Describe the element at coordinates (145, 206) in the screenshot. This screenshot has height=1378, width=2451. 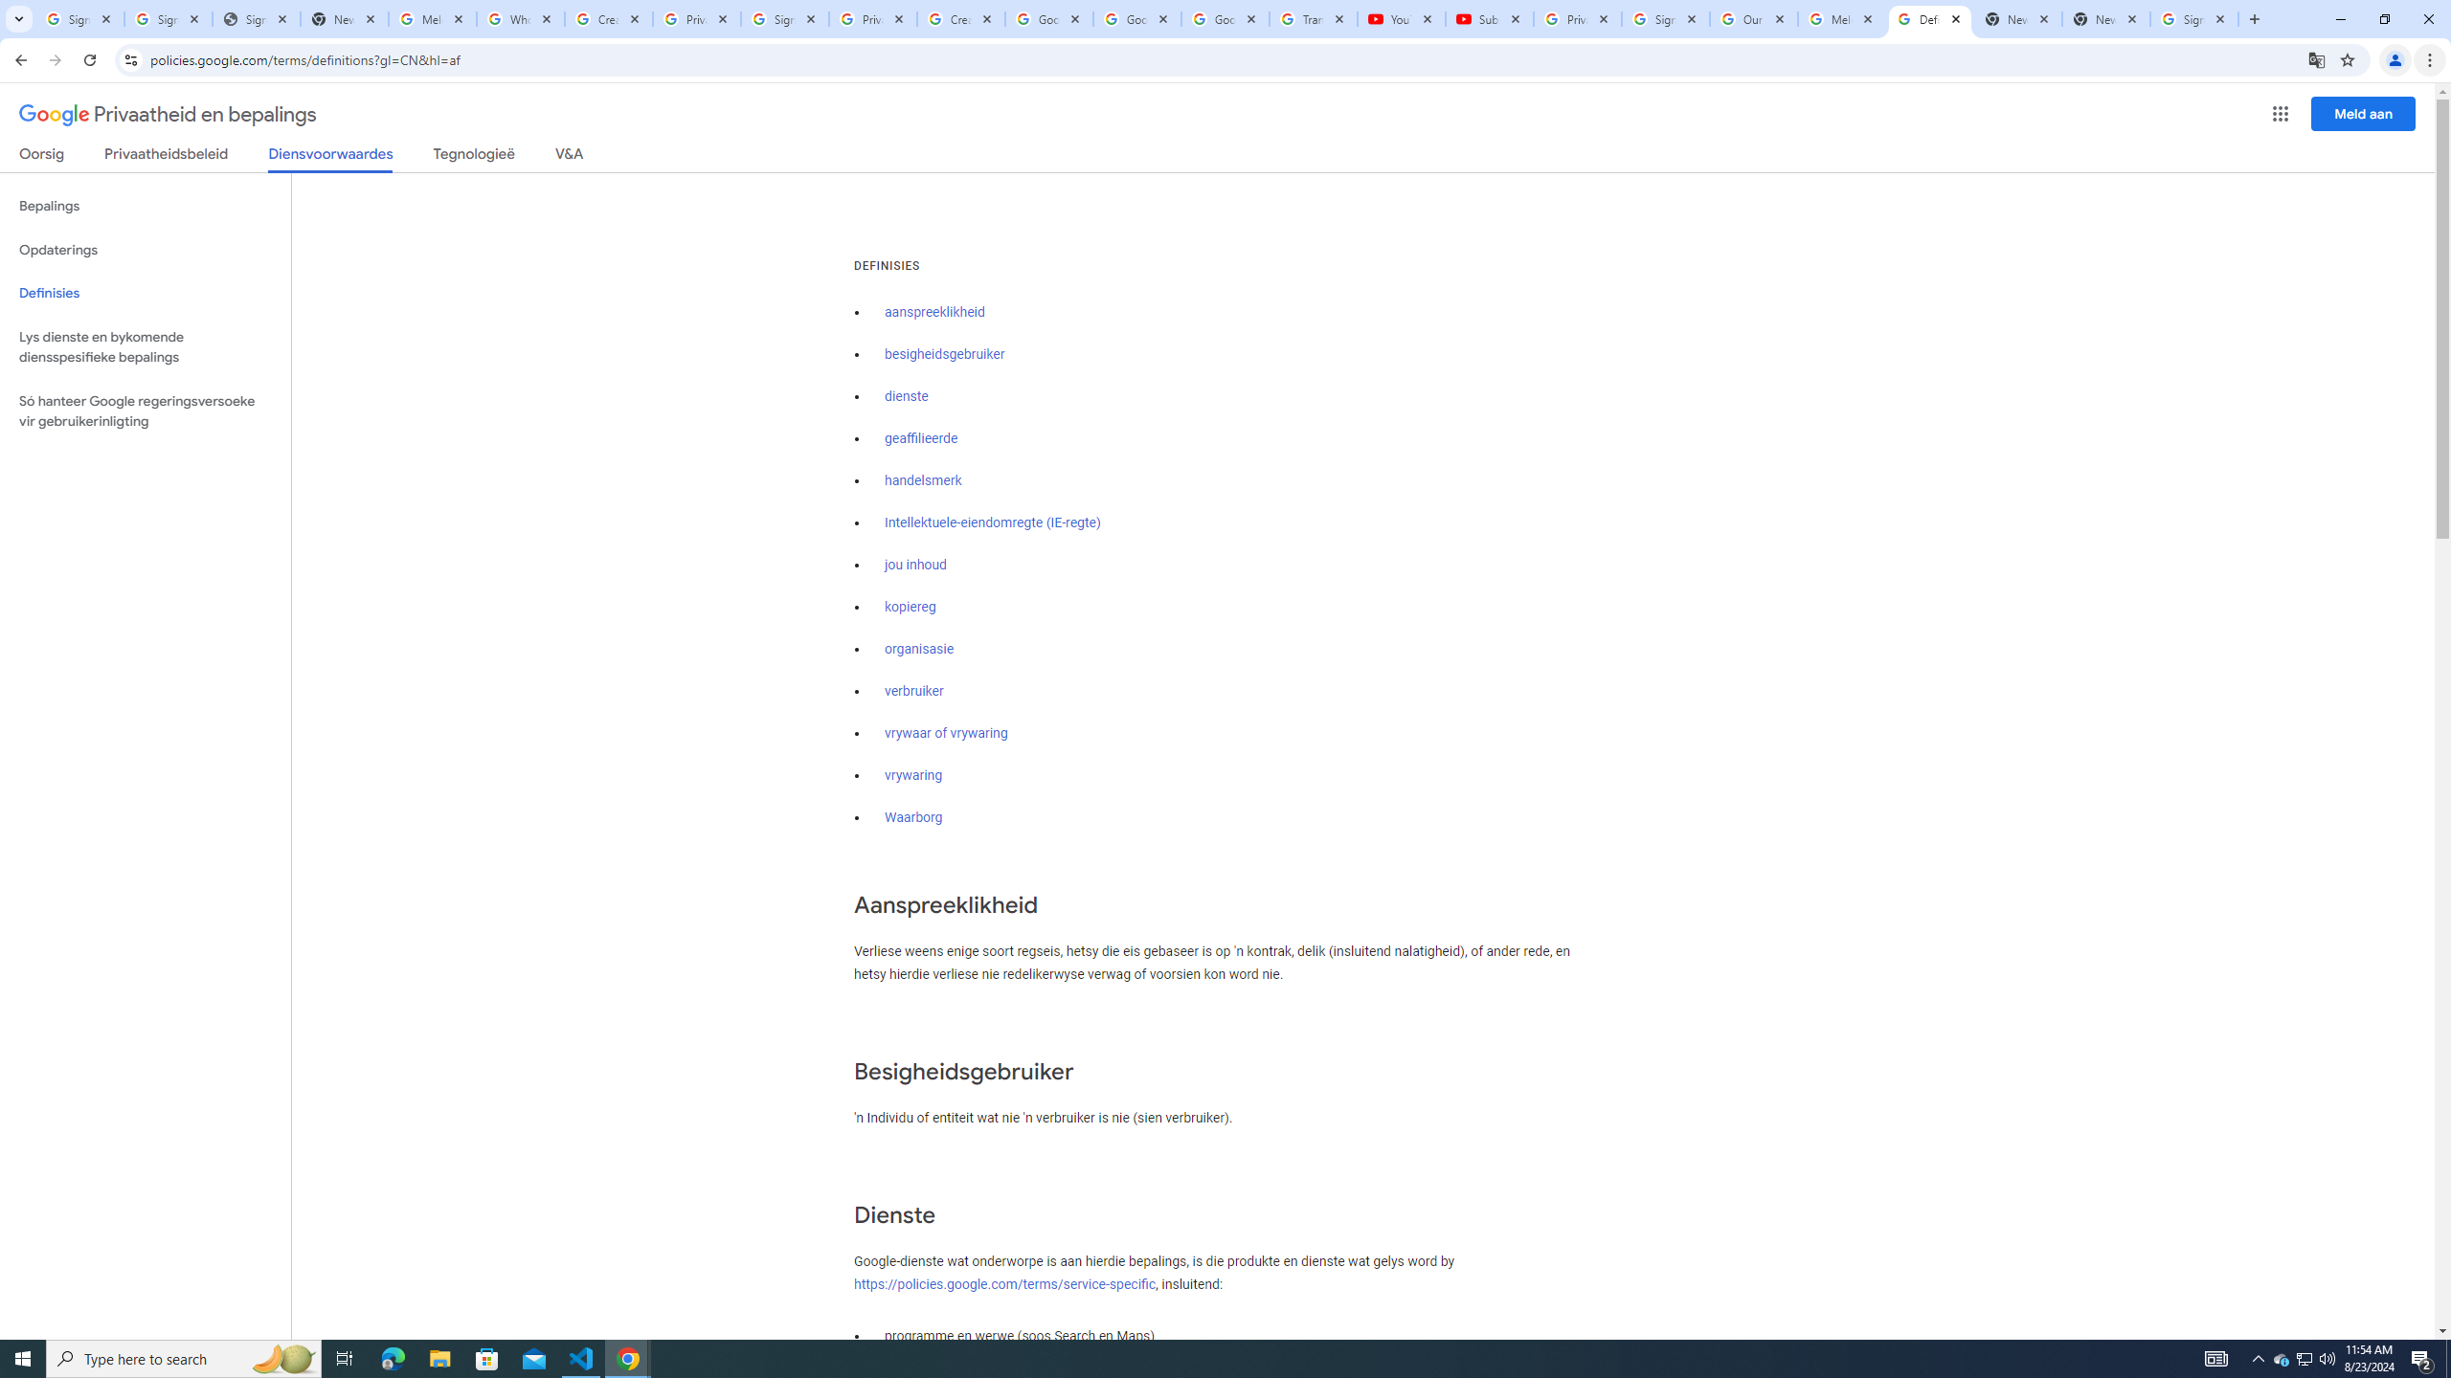
I see `'Bepalings'` at that location.